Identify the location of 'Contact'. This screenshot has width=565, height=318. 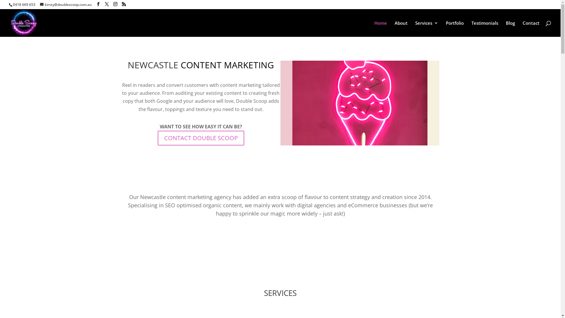
(531, 29).